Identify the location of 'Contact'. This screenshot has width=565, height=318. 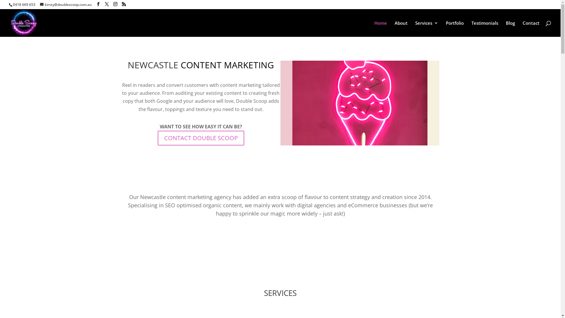
(531, 29).